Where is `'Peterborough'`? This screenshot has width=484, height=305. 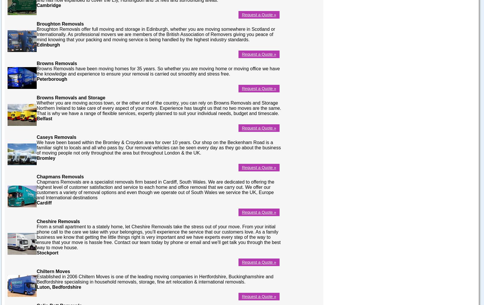
'Peterborough' is located at coordinates (52, 78).